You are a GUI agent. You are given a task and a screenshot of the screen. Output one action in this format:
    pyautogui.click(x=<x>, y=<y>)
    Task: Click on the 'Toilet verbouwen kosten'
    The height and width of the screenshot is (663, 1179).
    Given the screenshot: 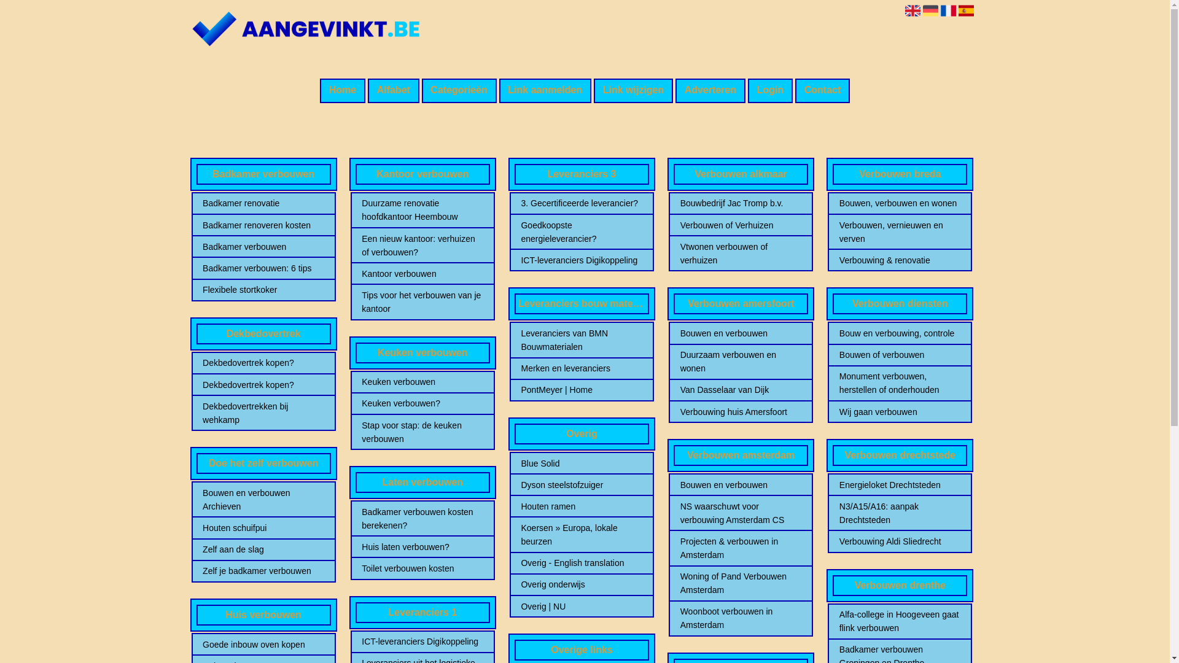 What is the action you would take?
    pyautogui.click(x=422, y=568)
    